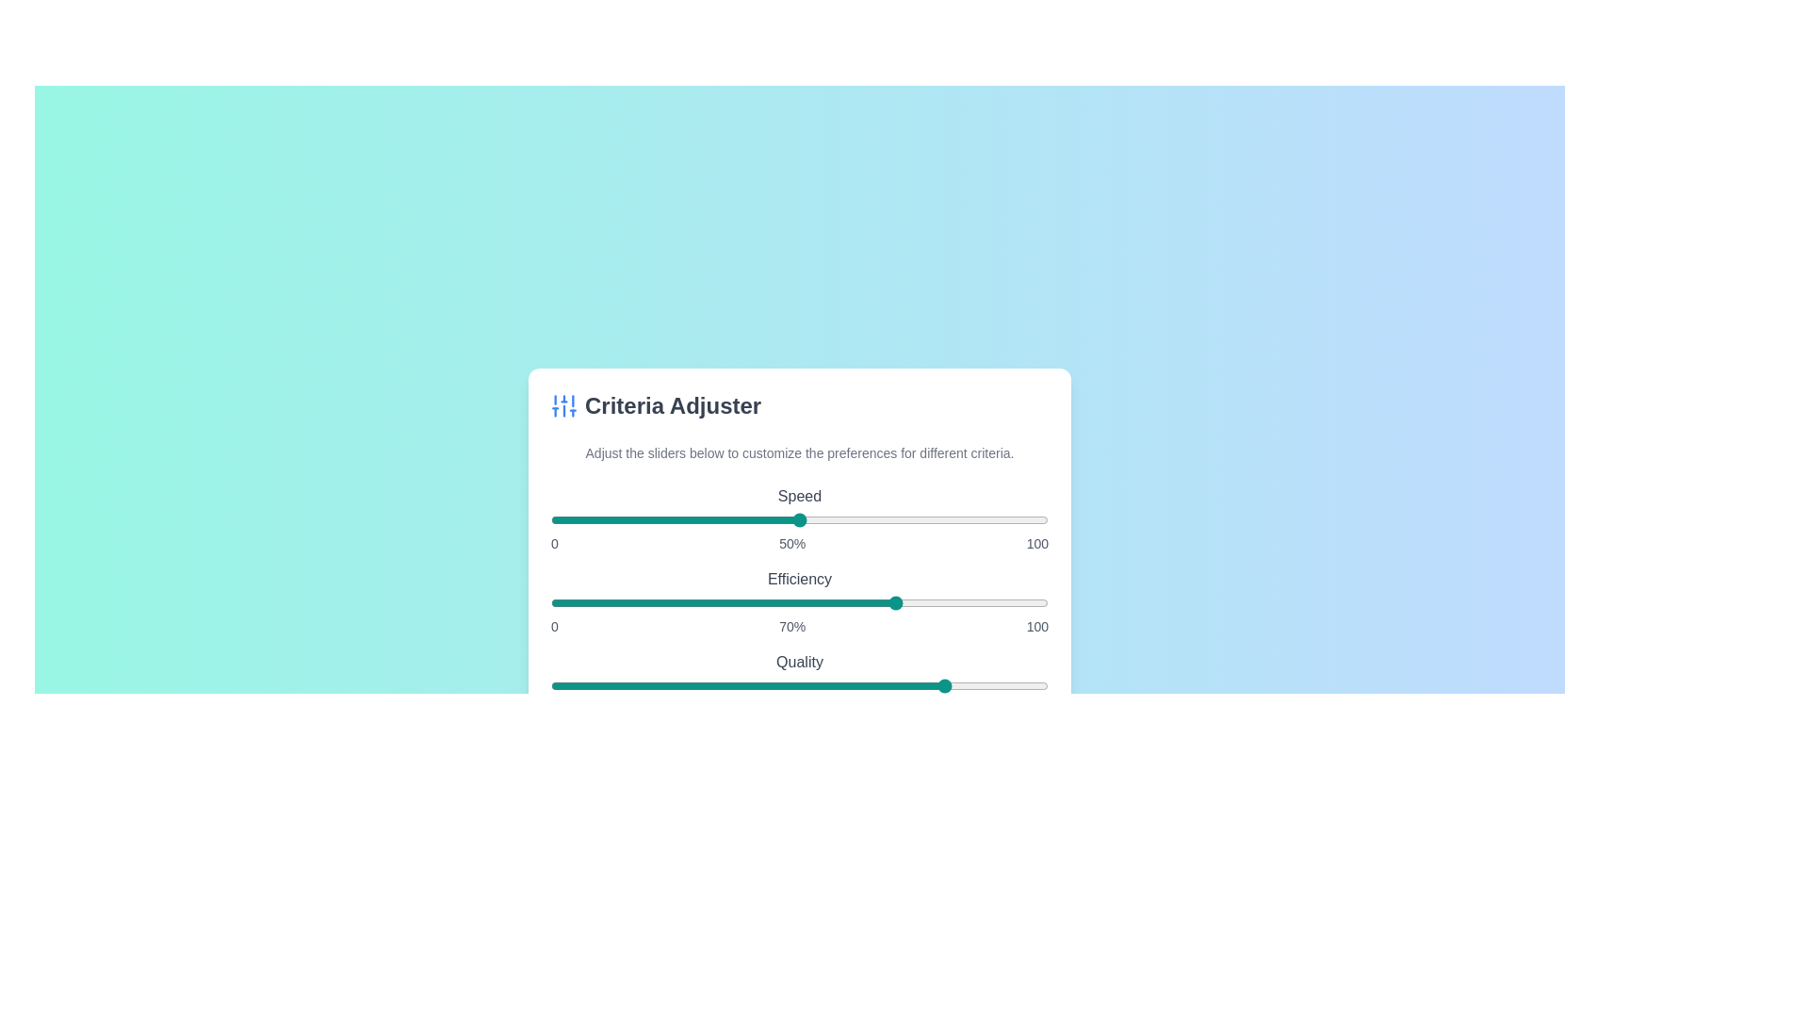 This screenshot has width=1809, height=1018. Describe the element at coordinates (779, 686) in the screenshot. I see `the 'Quality' slider to set its value to 46` at that location.